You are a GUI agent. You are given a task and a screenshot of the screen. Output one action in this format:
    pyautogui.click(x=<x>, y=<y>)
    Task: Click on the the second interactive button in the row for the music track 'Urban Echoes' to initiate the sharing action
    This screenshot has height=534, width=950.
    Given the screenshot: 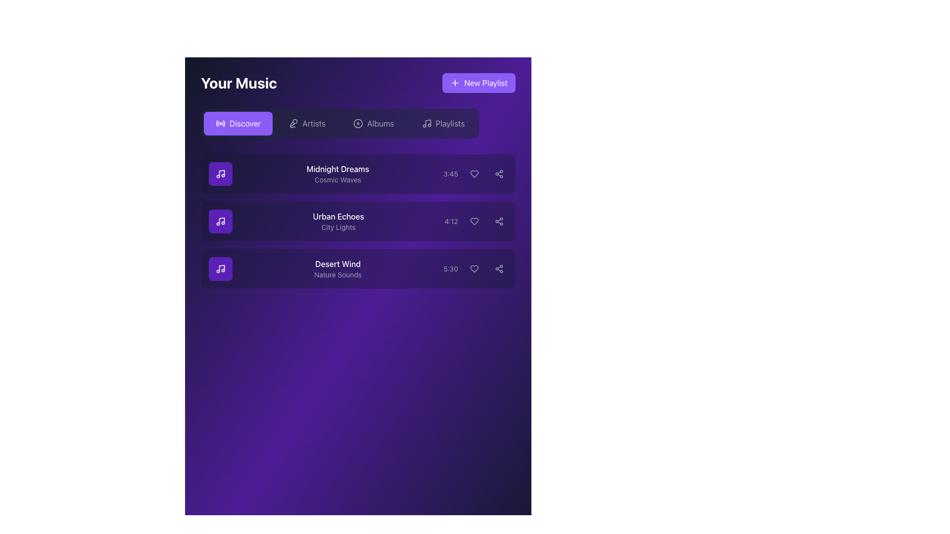 What is the action you would take?
    pyautogui.click(x=499, y=221)
    